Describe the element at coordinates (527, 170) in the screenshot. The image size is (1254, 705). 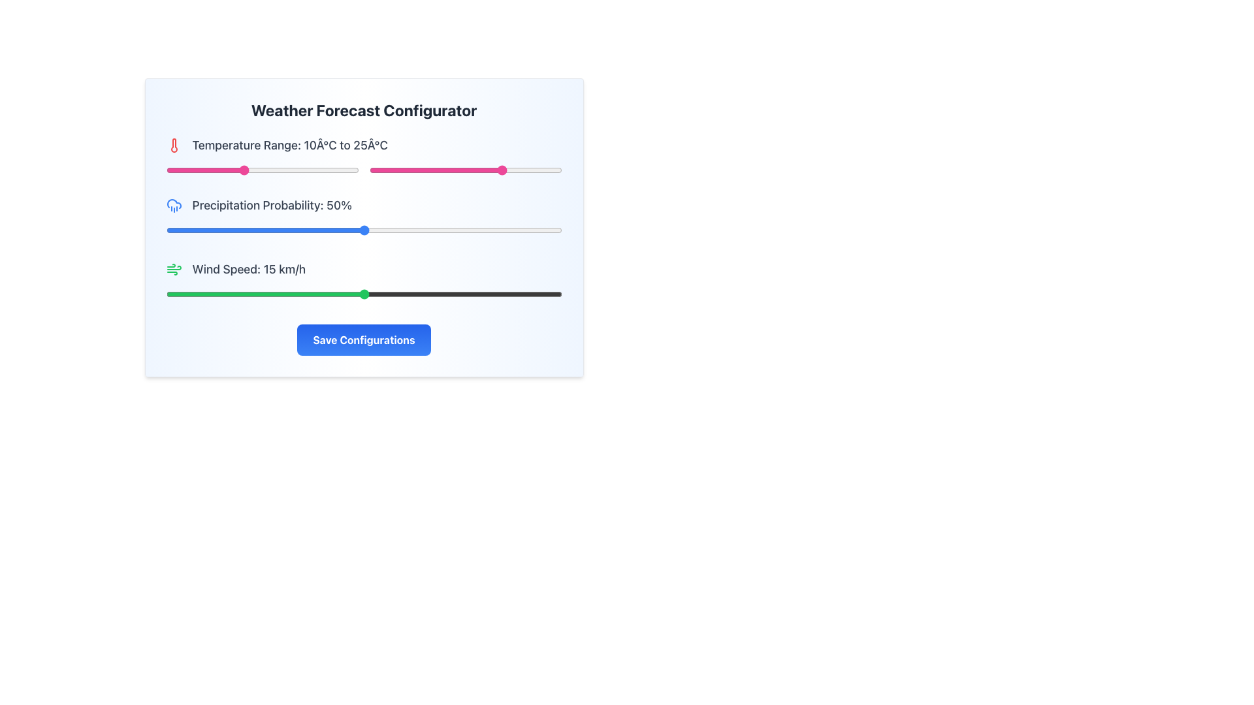
I see `the temperature value` at that location.